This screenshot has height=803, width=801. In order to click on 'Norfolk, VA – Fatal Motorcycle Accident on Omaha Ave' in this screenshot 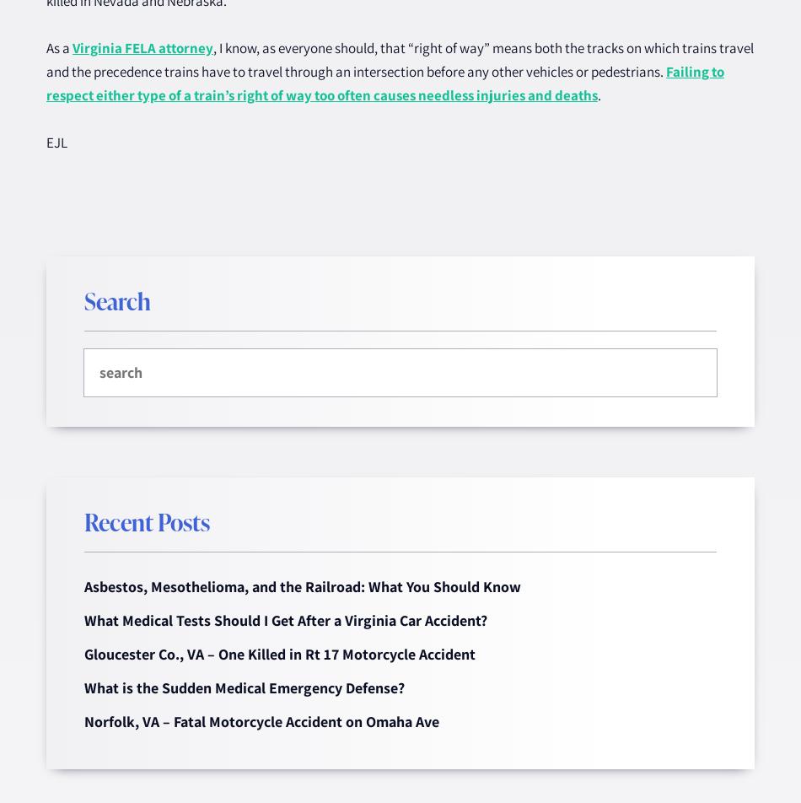, I will do `click(84, 720)`.